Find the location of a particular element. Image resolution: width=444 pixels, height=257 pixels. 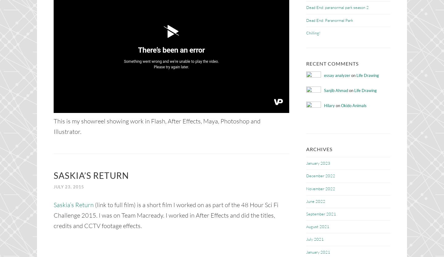

'January 2023' is located at coordinates (318, 163).